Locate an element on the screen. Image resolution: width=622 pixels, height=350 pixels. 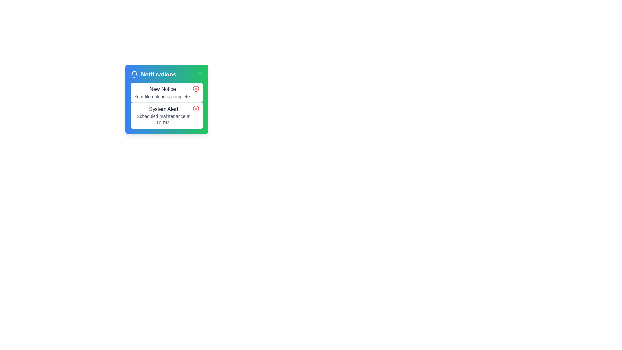
text label displaying 'Notifications', which is styled in bold and larger size, located in the header section of the notification panel is located at coordinates (158, 74).